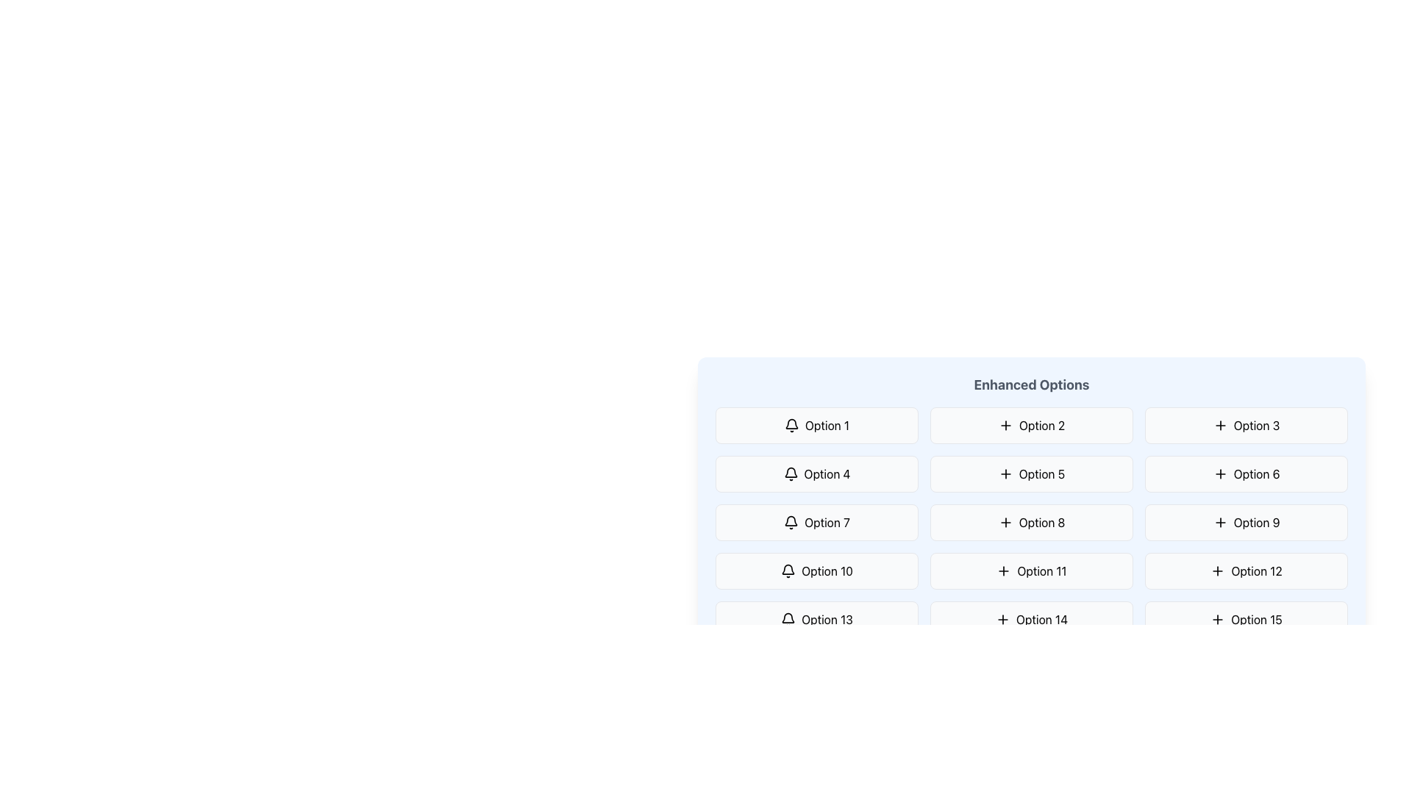 This screenshot has height=794, width=1412. I want to click on the button labeled 'Option 5' with a '+' icon, located in the second row, middle column of the 'Enhanced Options' grid, to prepare for interaction, so click(1030, 473).